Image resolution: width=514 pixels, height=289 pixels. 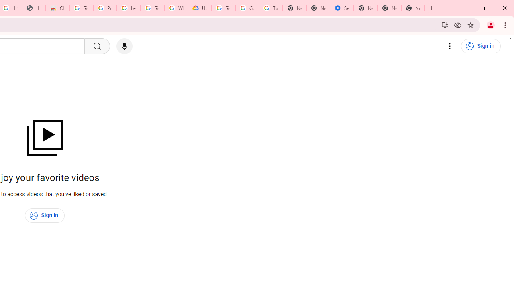 I want to click on 'Install YouTube', so click(x=444, y=24).